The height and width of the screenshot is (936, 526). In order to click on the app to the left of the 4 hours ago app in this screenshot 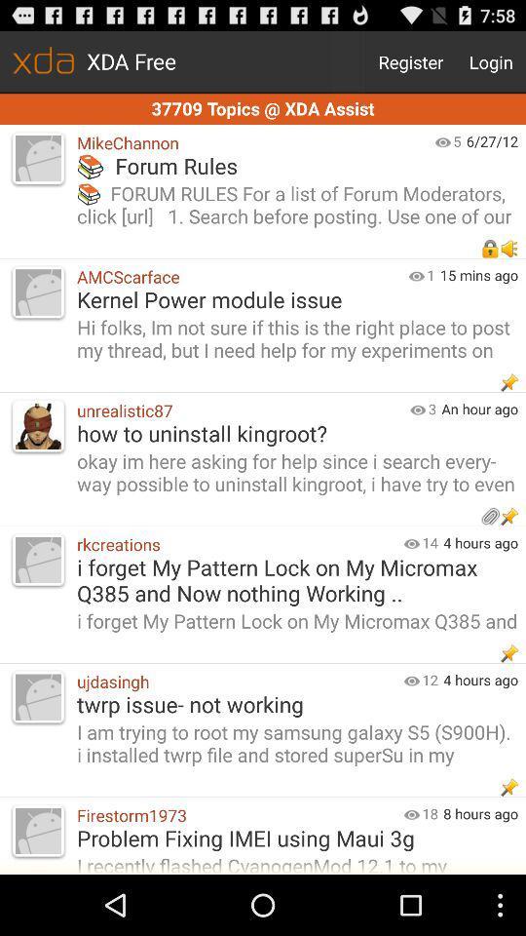, I will do `click(430, 542)`.